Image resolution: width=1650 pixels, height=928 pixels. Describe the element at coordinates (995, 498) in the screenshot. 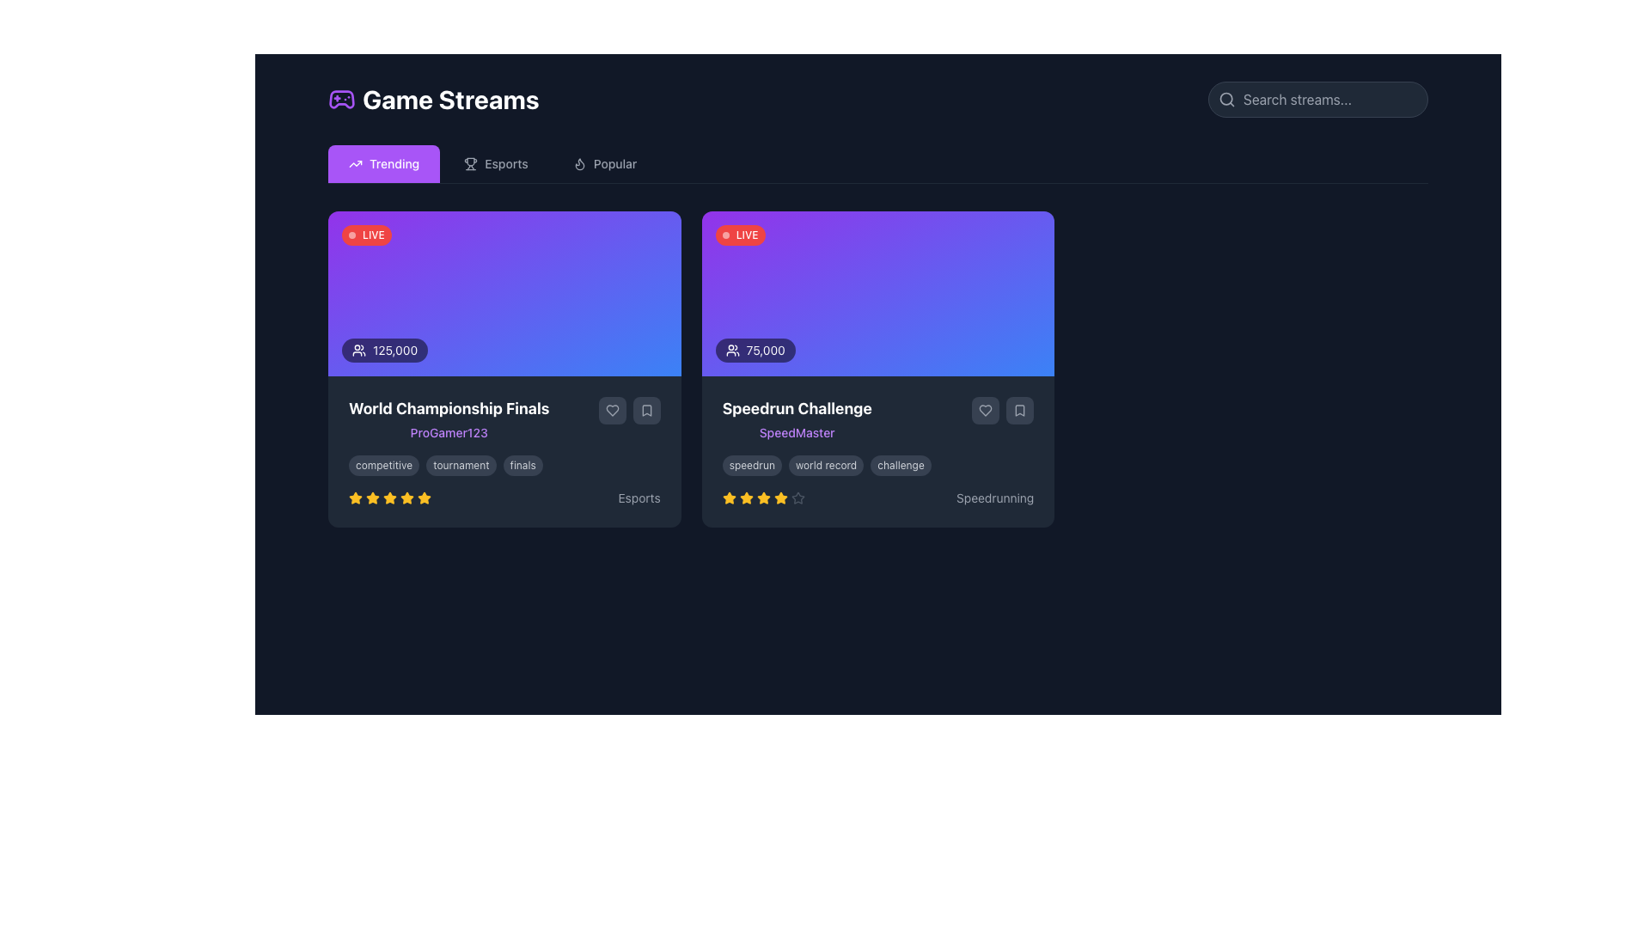

I see `text from the small gray label reading 'Speedrunning' located at the bottom-right corner of the right card in the UI` at that location.